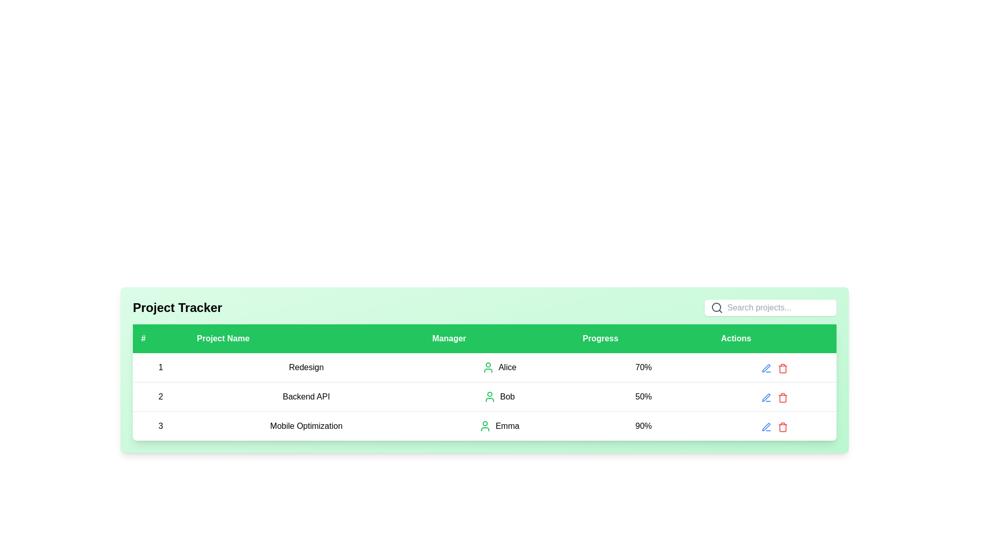  What do you see at coordinates (782, 428) in the screenshot?
I see `the 'Delete' icon, located within the 'Actions' column of the row associated with 'Mobile Optimization', to perform a delete action` at bounding box center [782, 428].